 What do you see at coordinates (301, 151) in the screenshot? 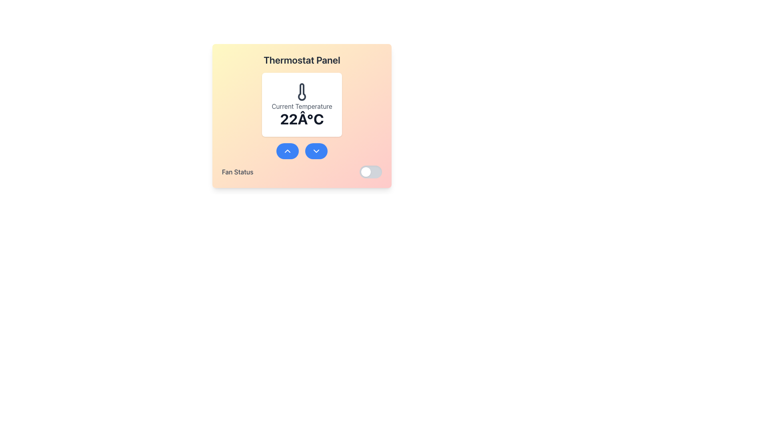
I see `the up button of the dual button component for adjusting temperature, located beneath the temperature indicator '22°C'` at bounding box center [301, 151].